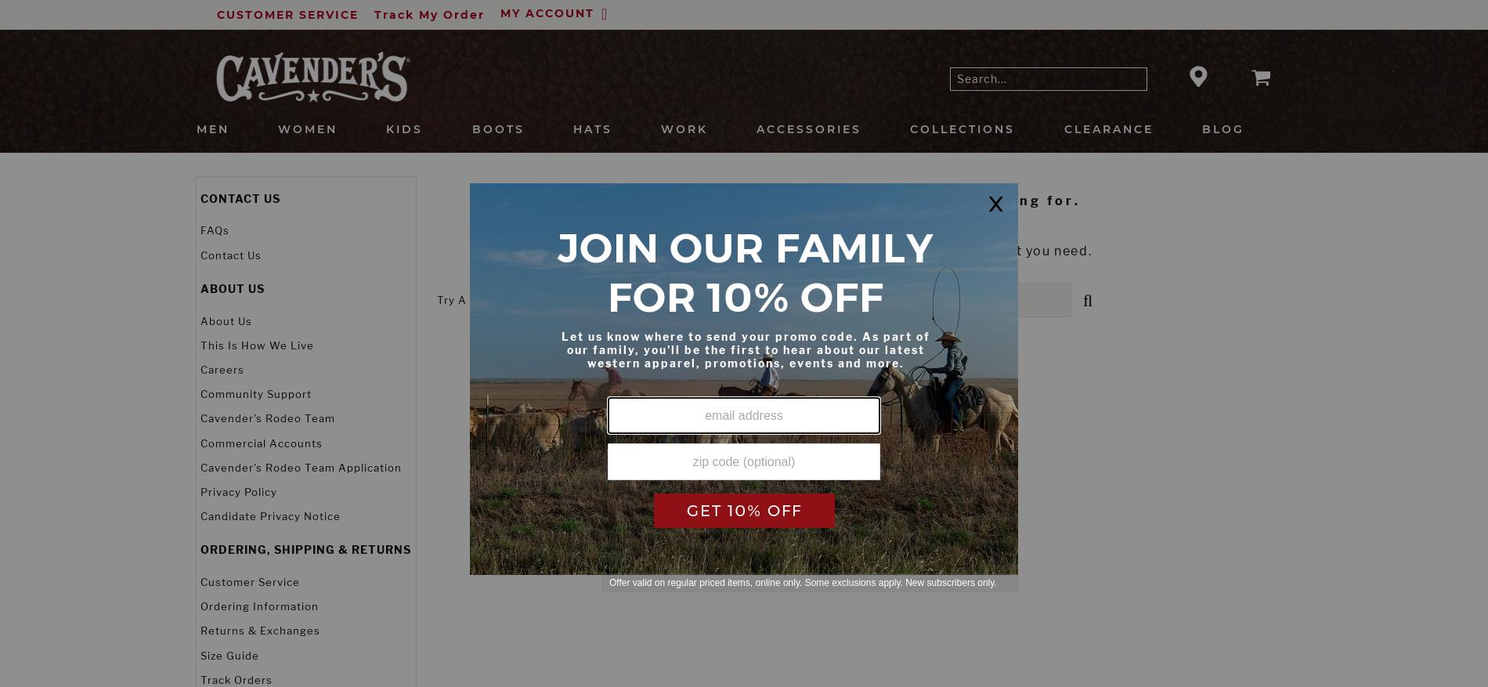 Image resolution: width=1488 pixels, height=687 pixels. I want to click on 'Community Support', so click(255, 392).